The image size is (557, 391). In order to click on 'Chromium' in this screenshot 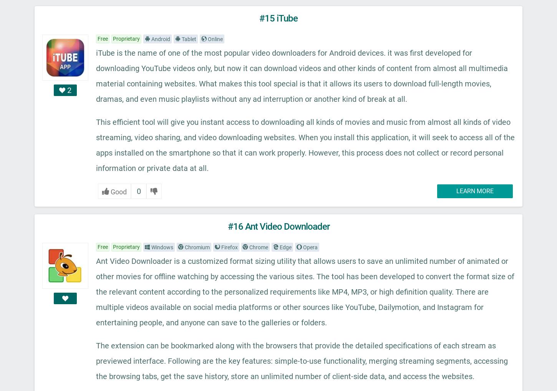, I will do `click(196, 247)`.